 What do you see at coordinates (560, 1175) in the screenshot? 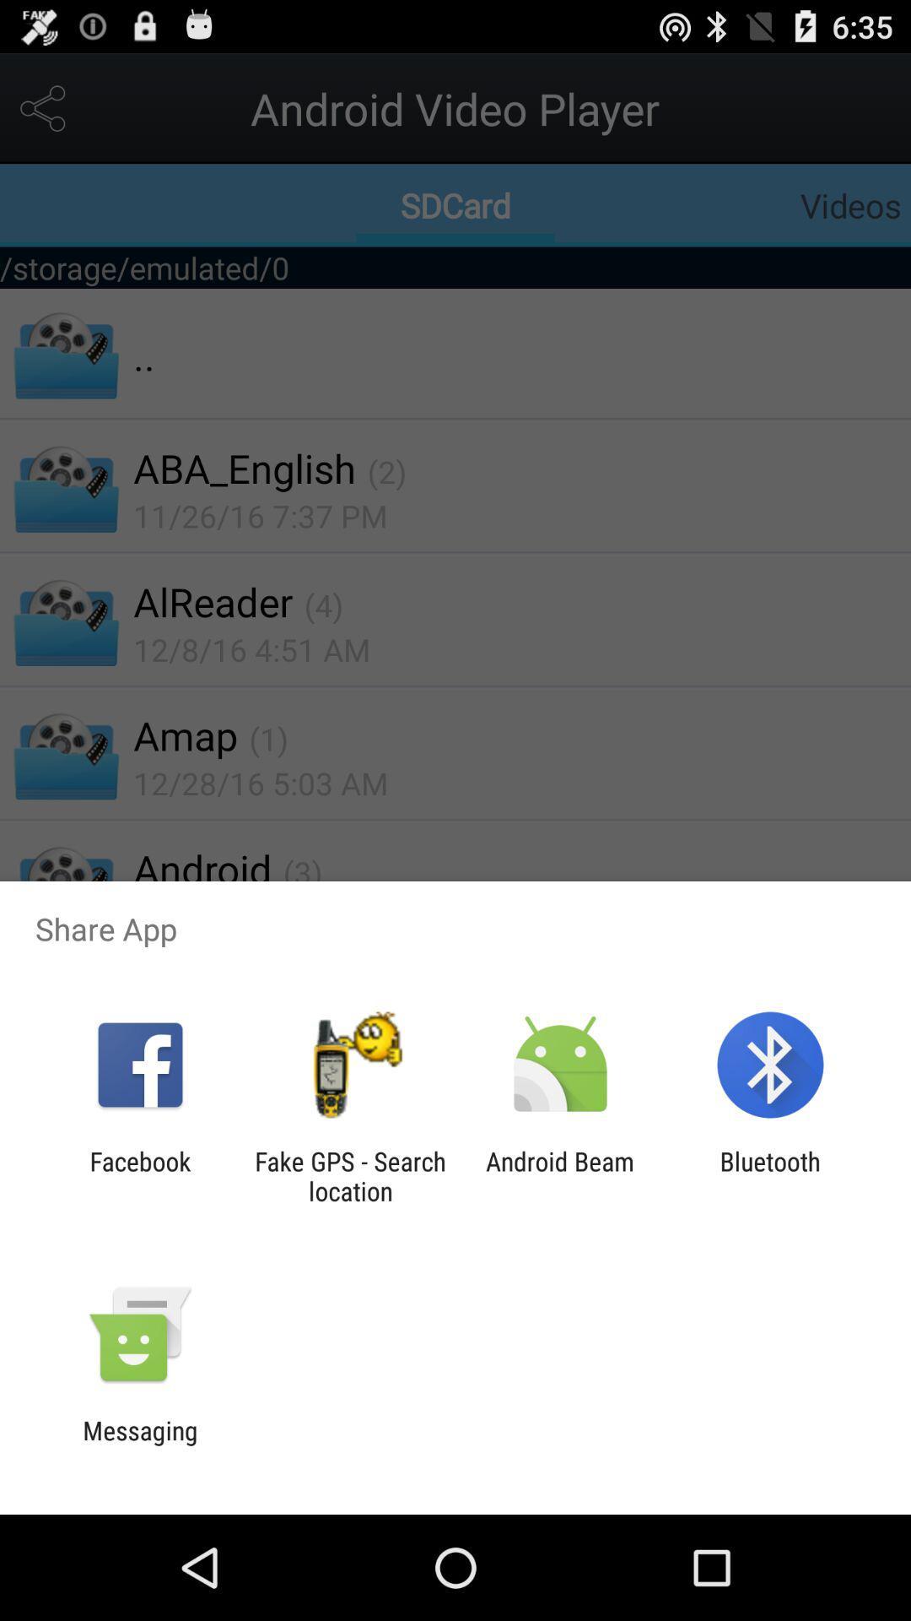
I see `app next to bluetooth` at bounding box center [560, 1175].